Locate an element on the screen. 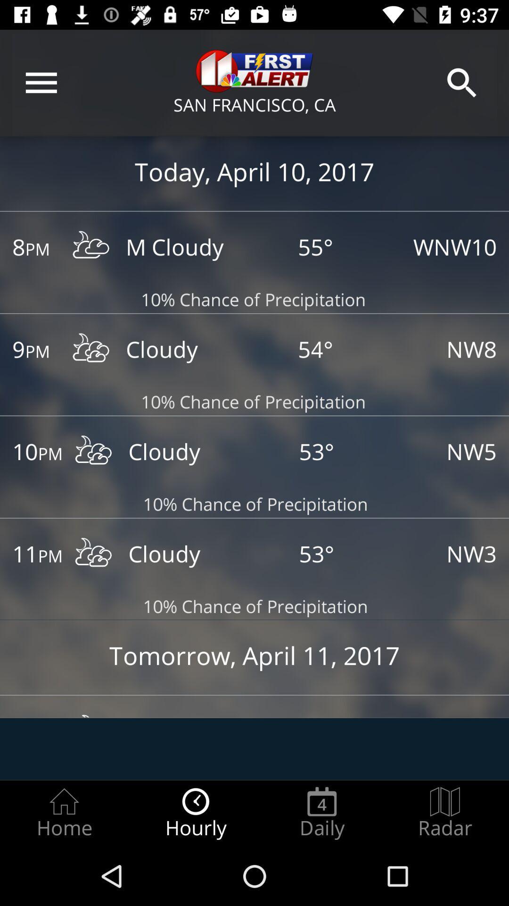 The height and width of the screenshot is (906, 509). the icon which is next to the 9pm is located at coordinates (91, 350).